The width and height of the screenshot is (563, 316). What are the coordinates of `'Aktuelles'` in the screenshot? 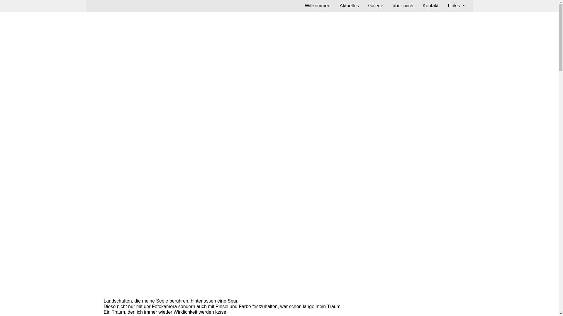 It's located at (349, 6).